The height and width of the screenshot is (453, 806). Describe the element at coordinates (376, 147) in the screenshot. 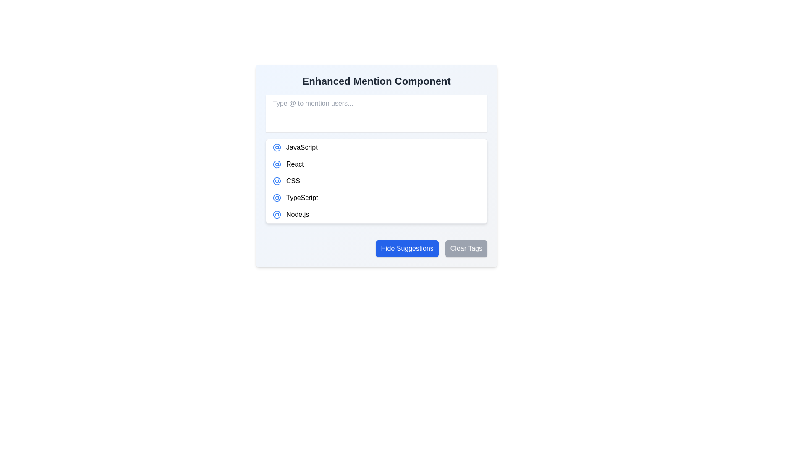

I see `the selectable list item labeled 'JavaScript'` at that location.